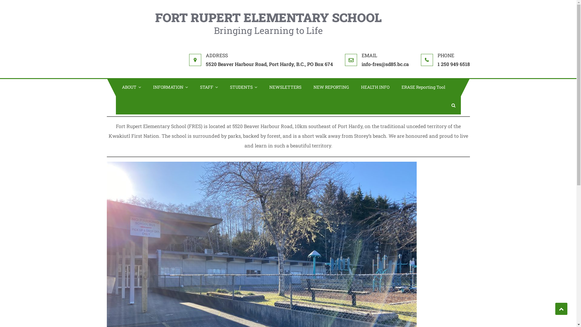 The height and width of the screenshot is (327, 581). Describe the element at coordinates (285, 87) in the screenshot. I see `'NEWSLETTERS'` at that location.